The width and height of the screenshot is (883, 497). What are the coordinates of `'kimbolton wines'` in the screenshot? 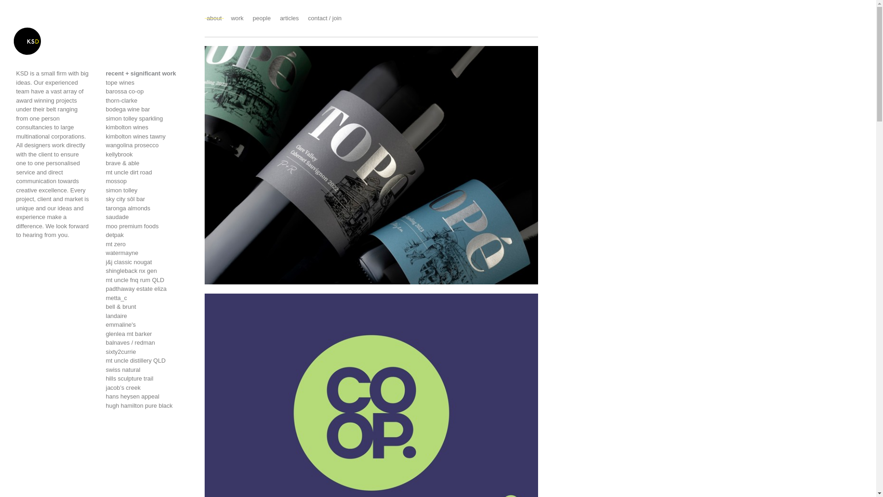 It's located at (147, 127).